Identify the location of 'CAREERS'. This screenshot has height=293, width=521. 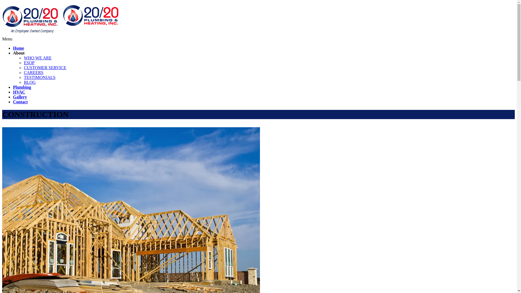
(33, 72).